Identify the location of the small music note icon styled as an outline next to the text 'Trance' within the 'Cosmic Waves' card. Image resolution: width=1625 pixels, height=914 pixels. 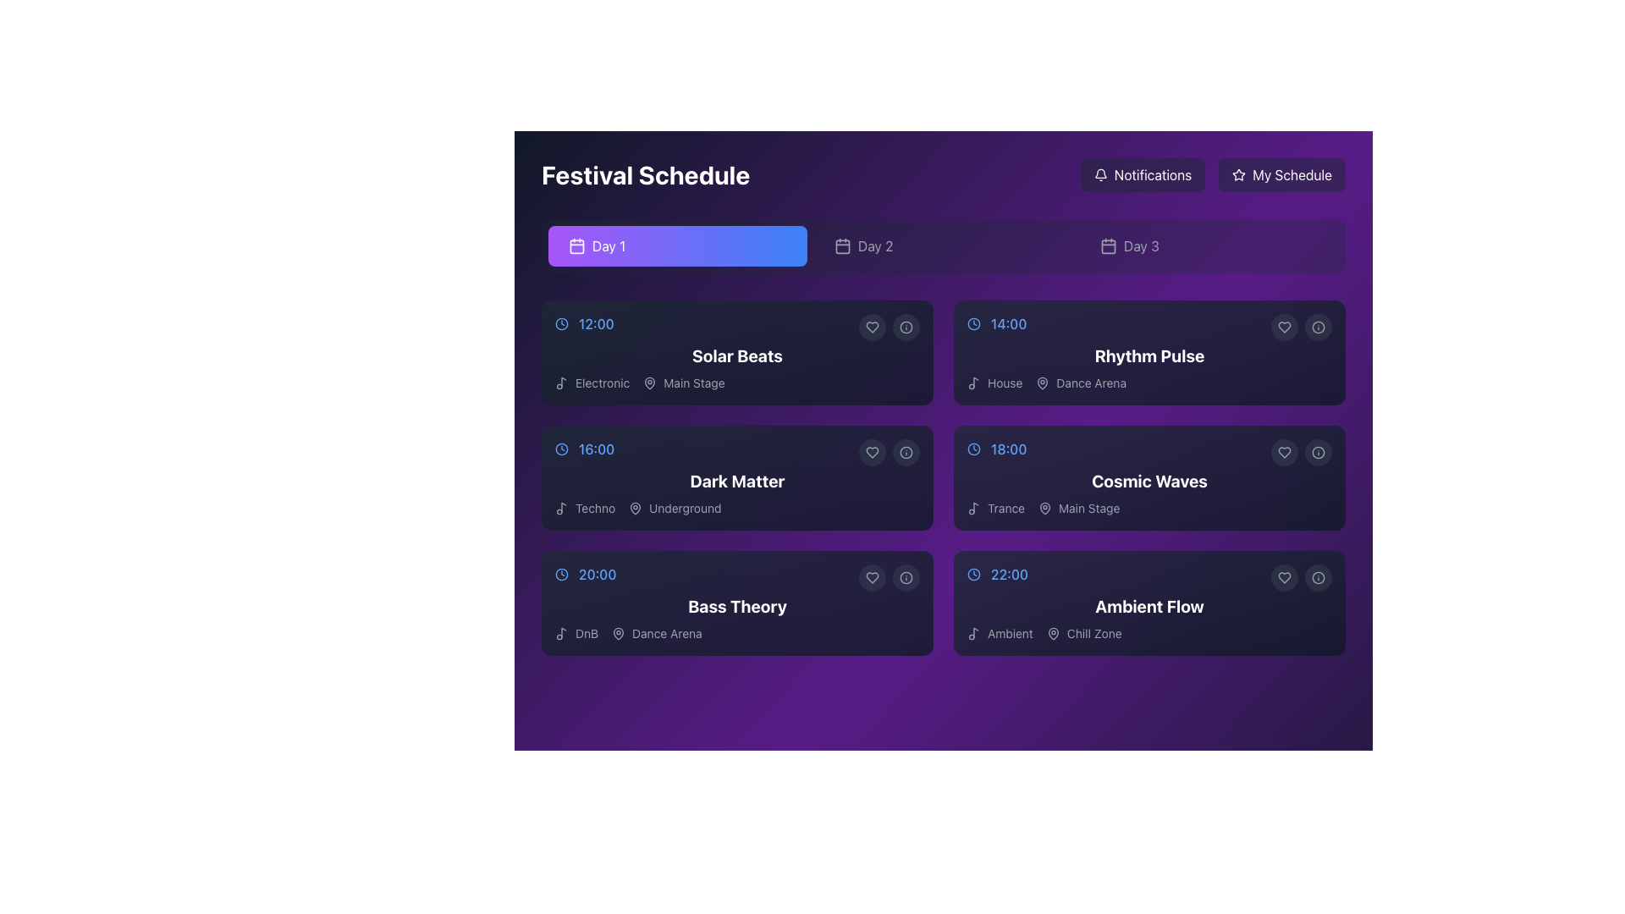
(974, 508).